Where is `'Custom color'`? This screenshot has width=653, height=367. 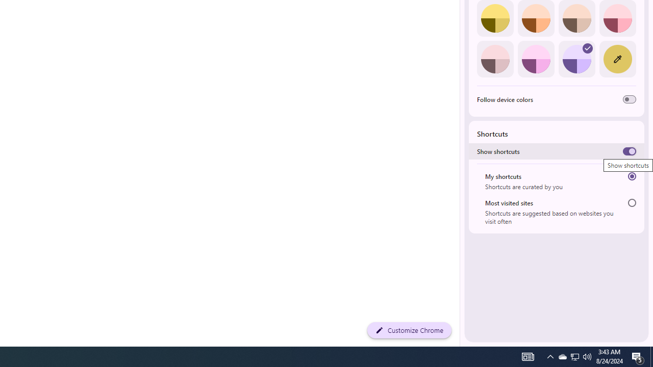 'Custom color' is located at coordinates (617, 59).